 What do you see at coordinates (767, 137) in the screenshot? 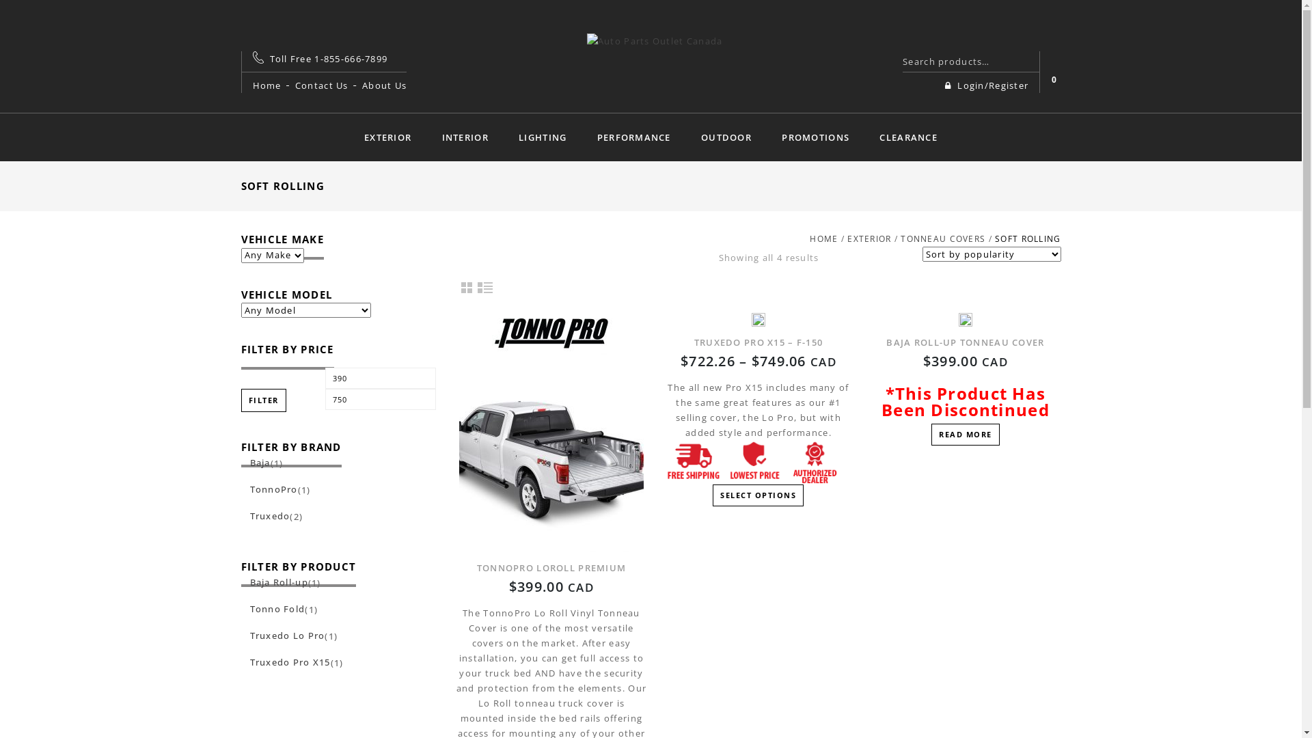
I see `'PROMOTIONS'` at bounding box center [767, 137].